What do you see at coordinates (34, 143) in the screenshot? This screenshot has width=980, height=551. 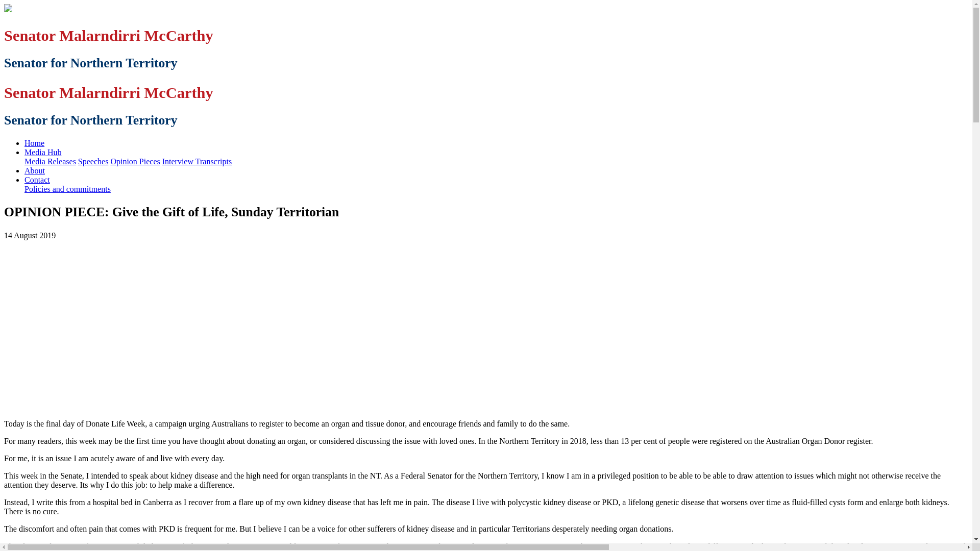 I see `'Home'` at bounding box center [34, 143].